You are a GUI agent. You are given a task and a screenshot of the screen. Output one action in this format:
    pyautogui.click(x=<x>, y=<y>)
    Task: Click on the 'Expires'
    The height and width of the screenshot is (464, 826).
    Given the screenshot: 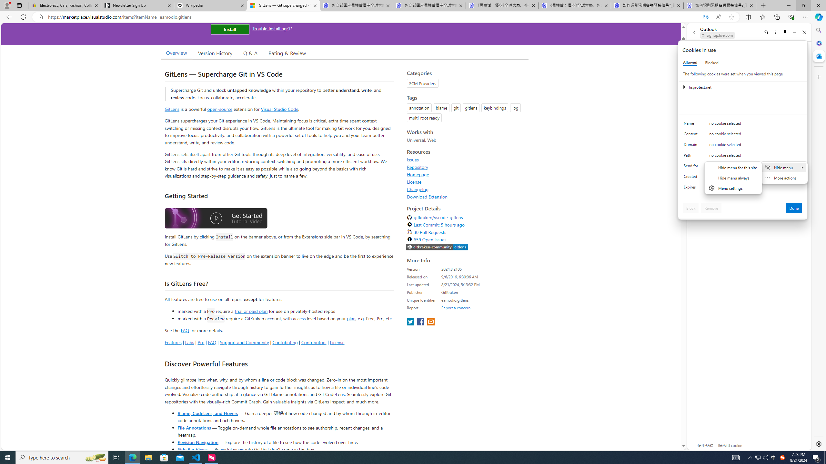 What is the action you would take?
    pyautogui.click(x=692, y=188)
    